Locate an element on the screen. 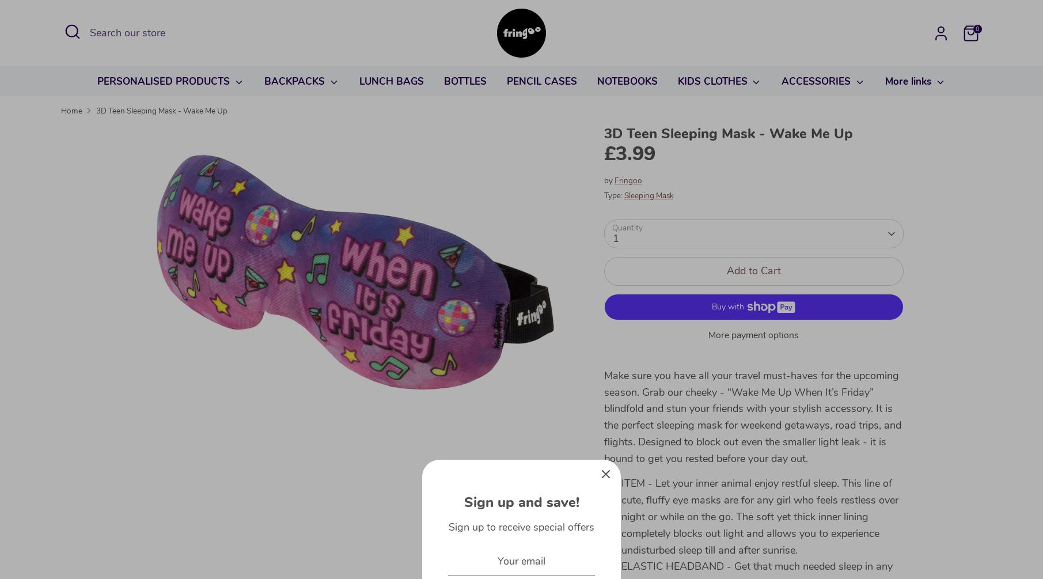  'Bottoms' is located at coordinates (677, 130).